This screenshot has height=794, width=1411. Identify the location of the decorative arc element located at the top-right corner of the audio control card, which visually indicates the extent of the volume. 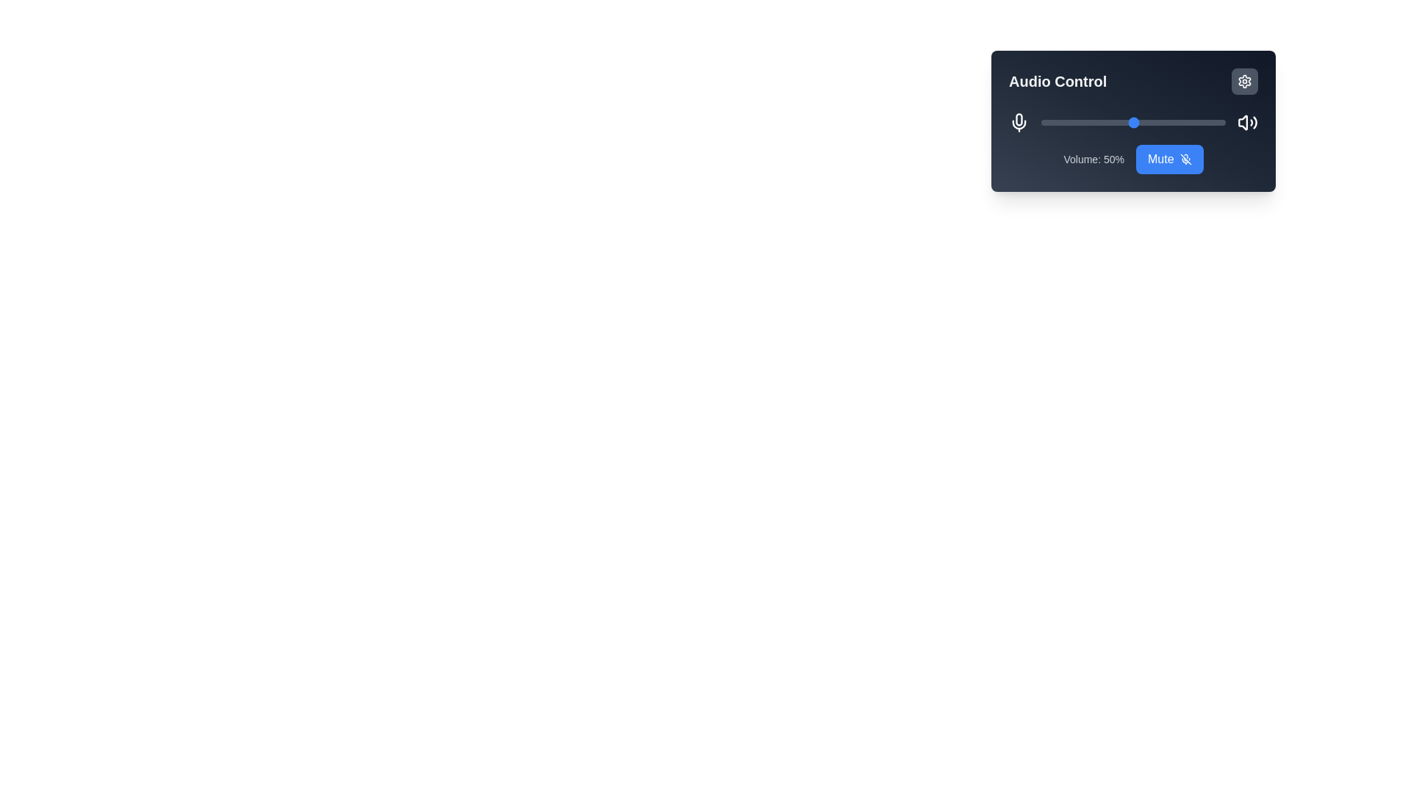
(1254, 121).